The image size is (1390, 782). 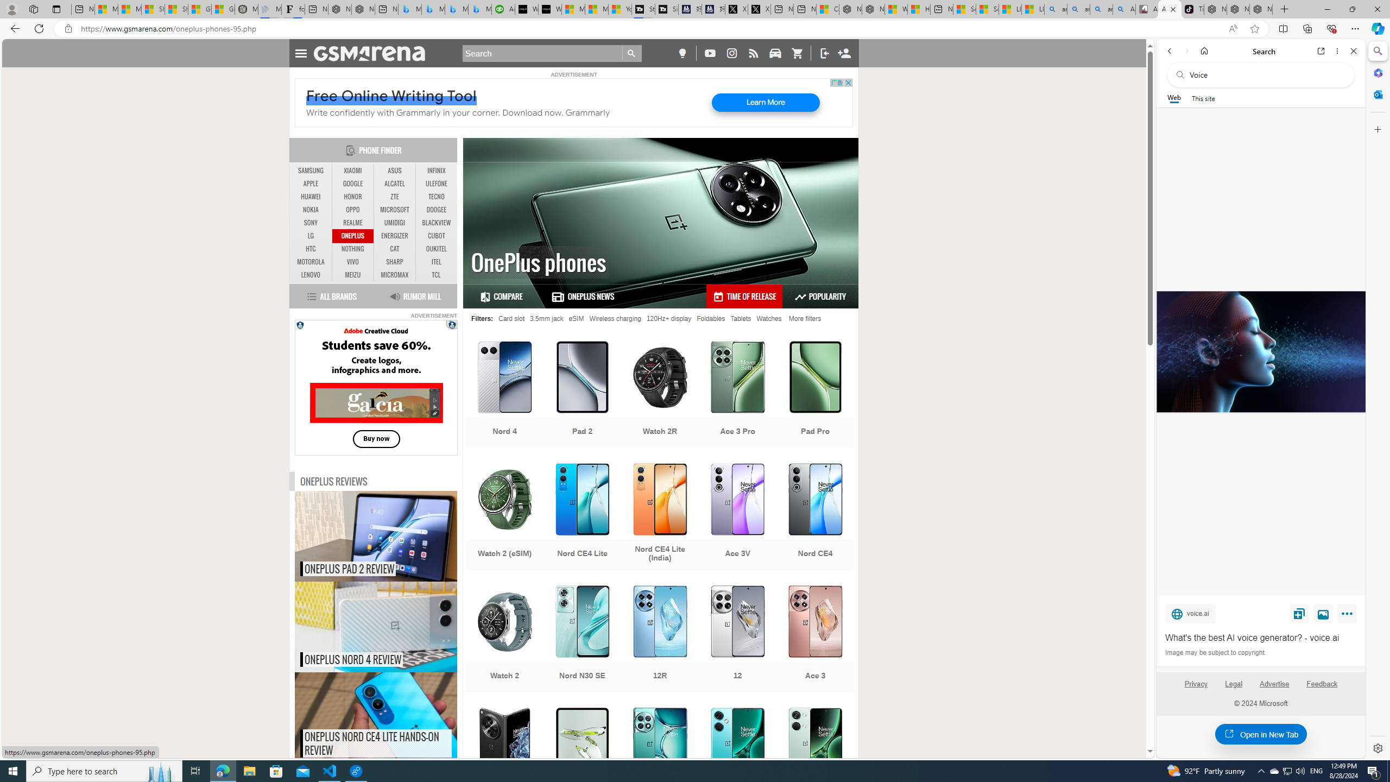 What do you see at coordinates (394, 210) in the screenshot?
I see `'MICROSOFT'` at bounding box center [394, 210].